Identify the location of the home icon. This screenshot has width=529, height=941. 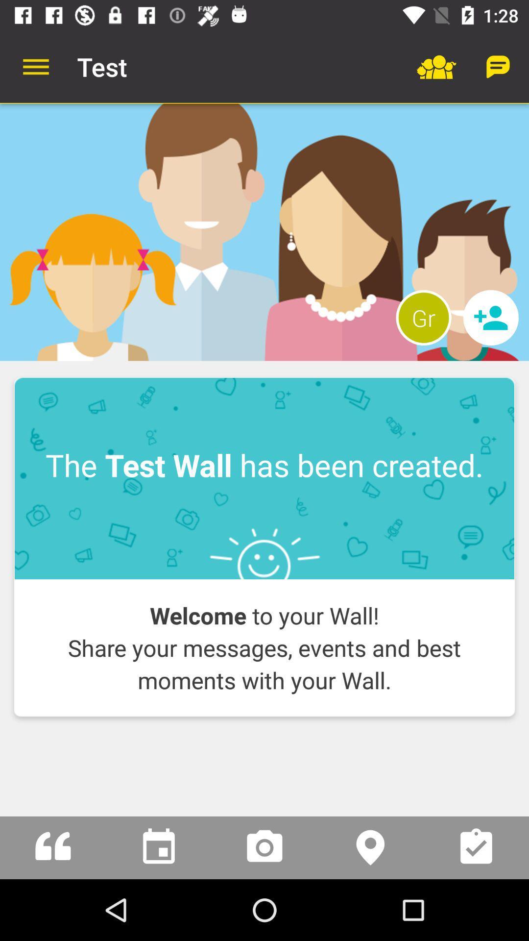
(53, 847).